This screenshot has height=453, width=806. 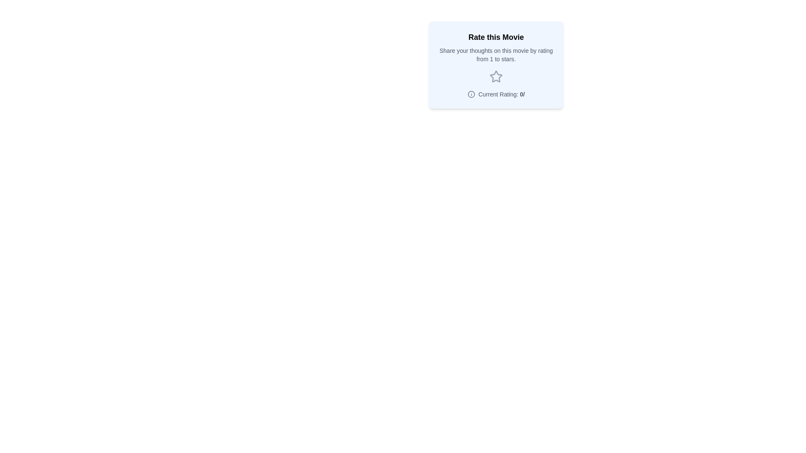 I want to click on the information icon located to the left of the 'Current Rating: 0/' text, so click(x=471, y=94).